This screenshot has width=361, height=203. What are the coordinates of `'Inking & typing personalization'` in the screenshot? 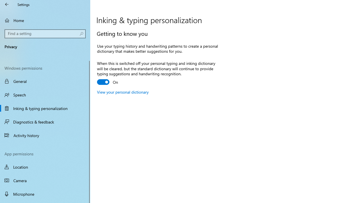 It's located at (45, 108).